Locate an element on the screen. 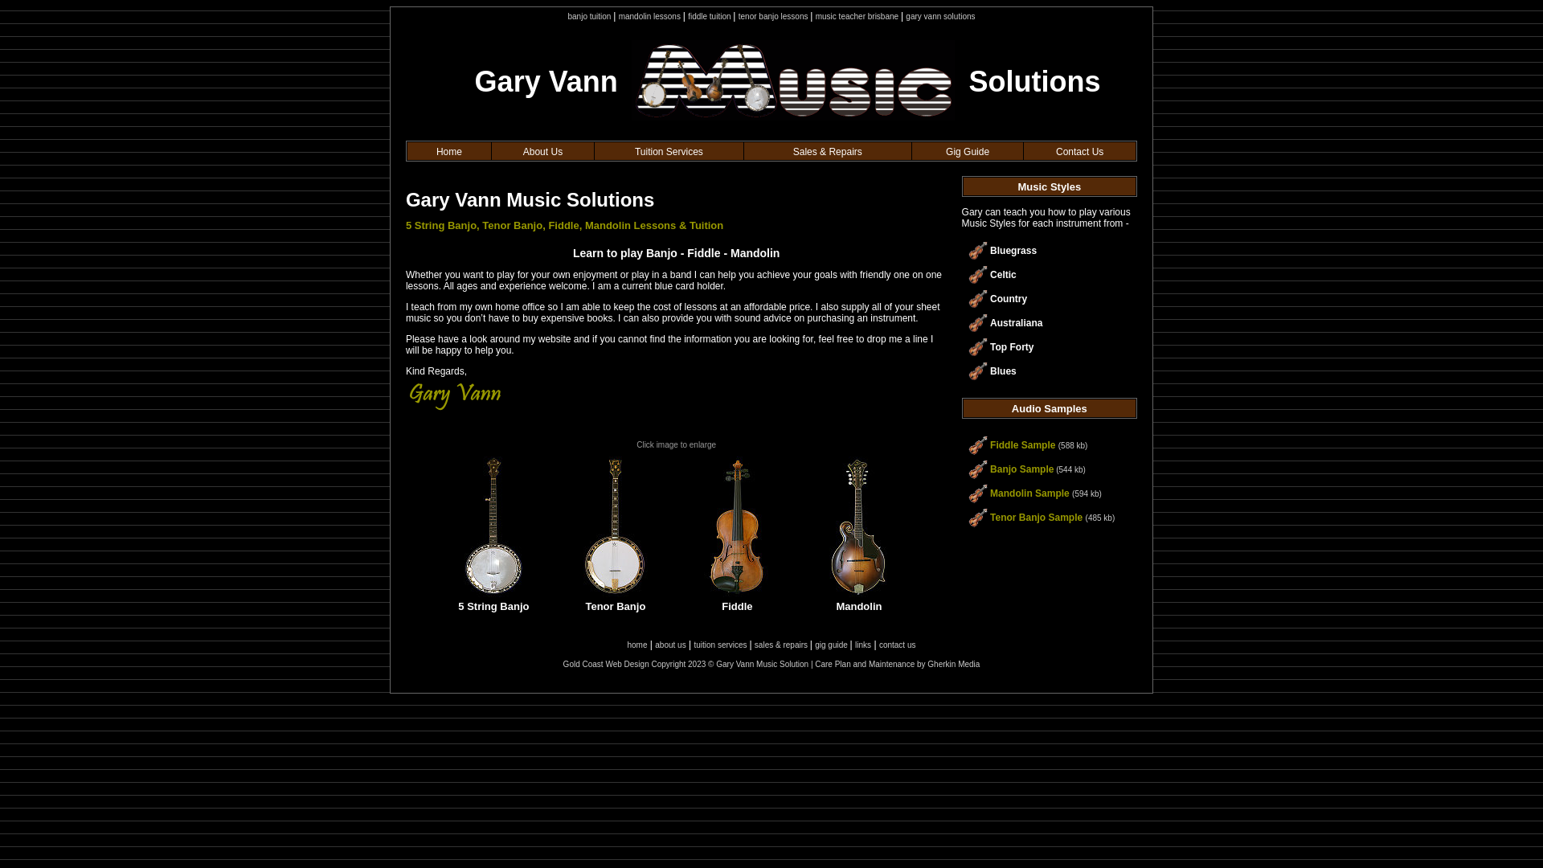 The width and height of the screenshot is (1543, 868). 'Sales & Repairs' is located at coordinates (828, 152).